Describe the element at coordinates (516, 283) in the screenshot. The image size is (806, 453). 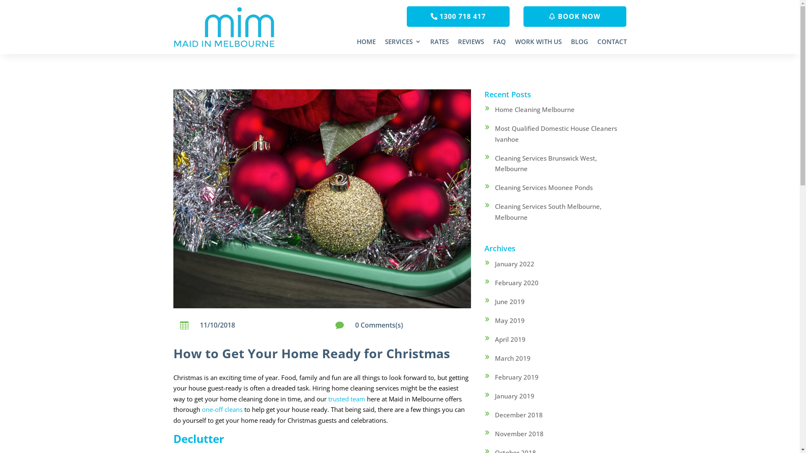
I see `'February 2020'` at that location.